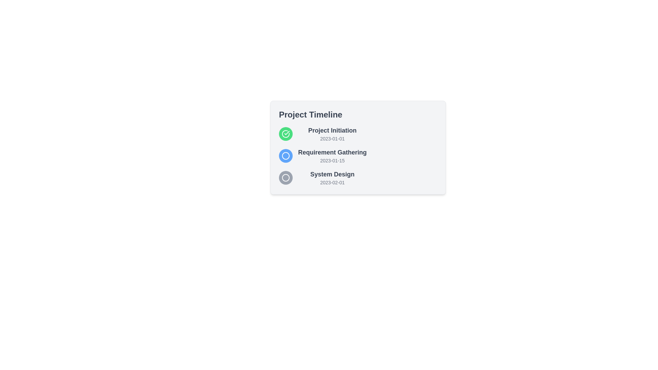  I want to click on the circular icon with a green background and white checkmark symbol located at the far left of the 'Project Initiation' item in the 'Project Timeline' section, so click(286, 134).